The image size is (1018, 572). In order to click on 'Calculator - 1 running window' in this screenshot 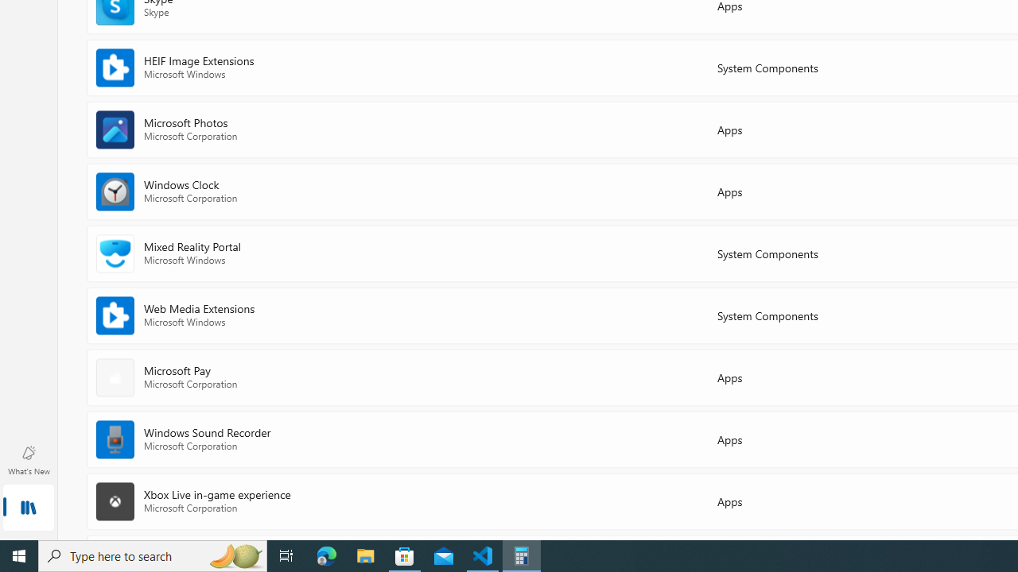, I will do `click(522, 555)`.